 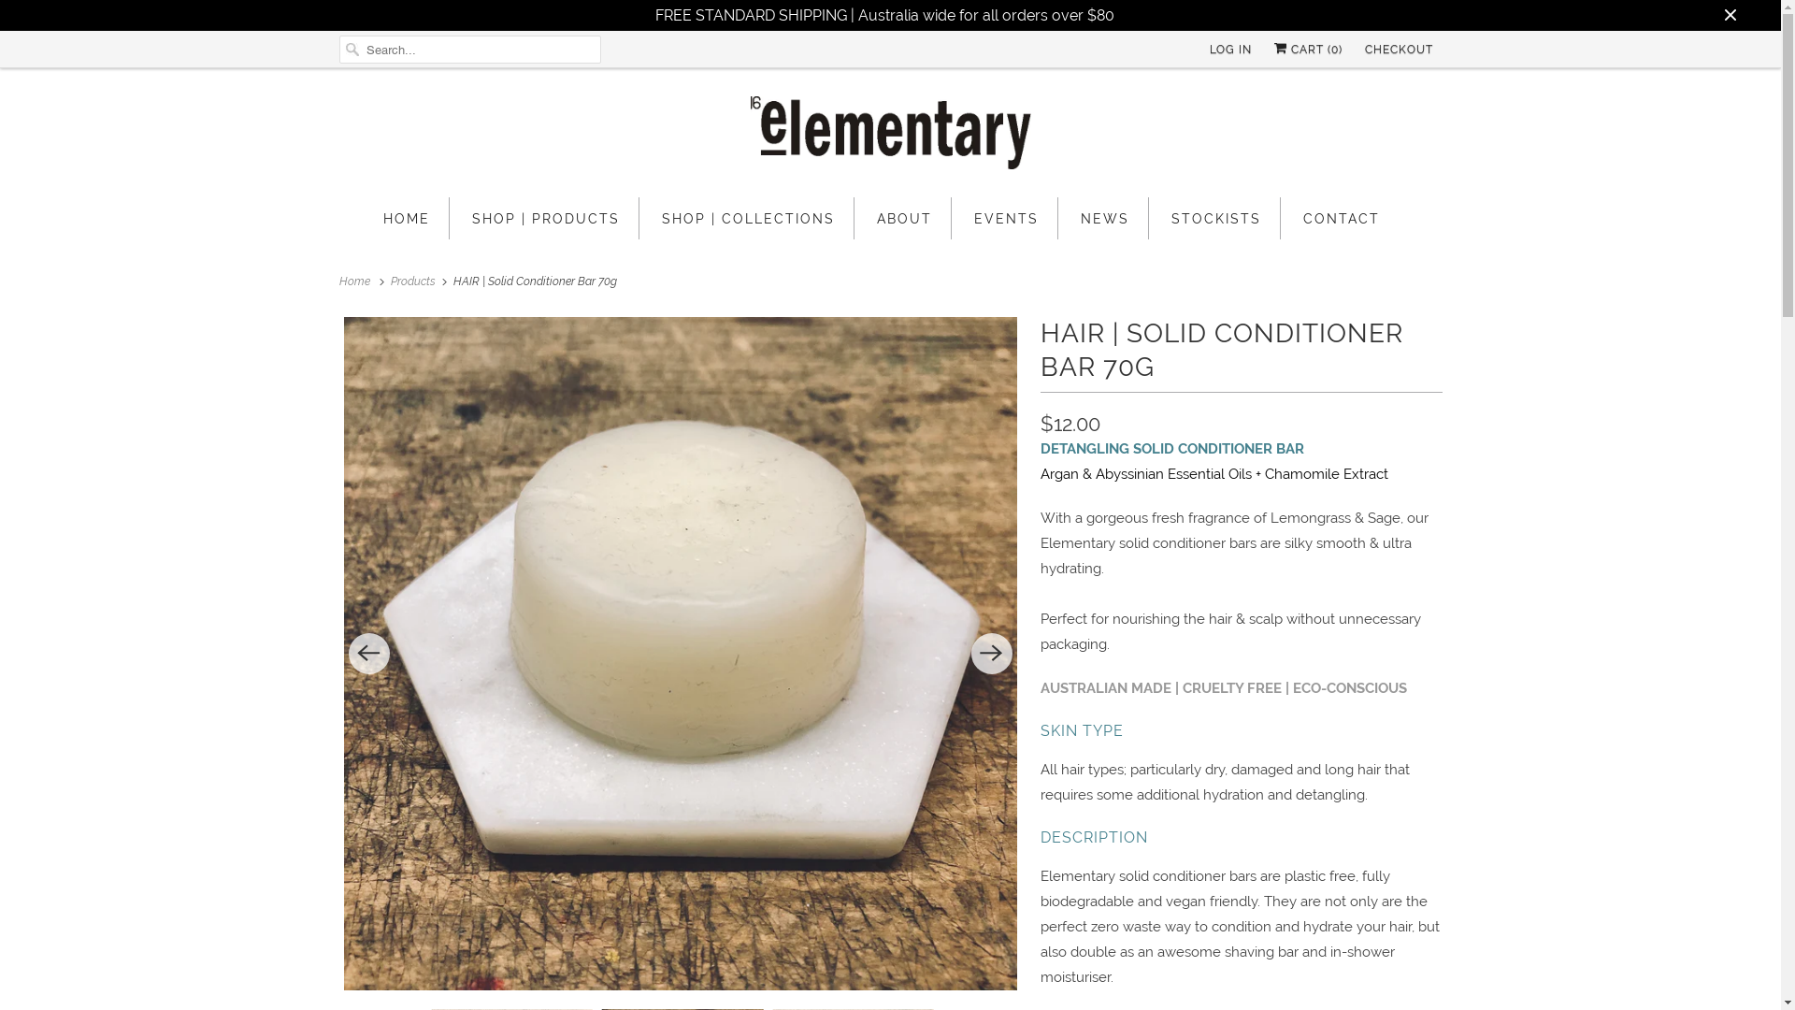 I want to click on 'EVENTS', so click(x=1005, y=217).